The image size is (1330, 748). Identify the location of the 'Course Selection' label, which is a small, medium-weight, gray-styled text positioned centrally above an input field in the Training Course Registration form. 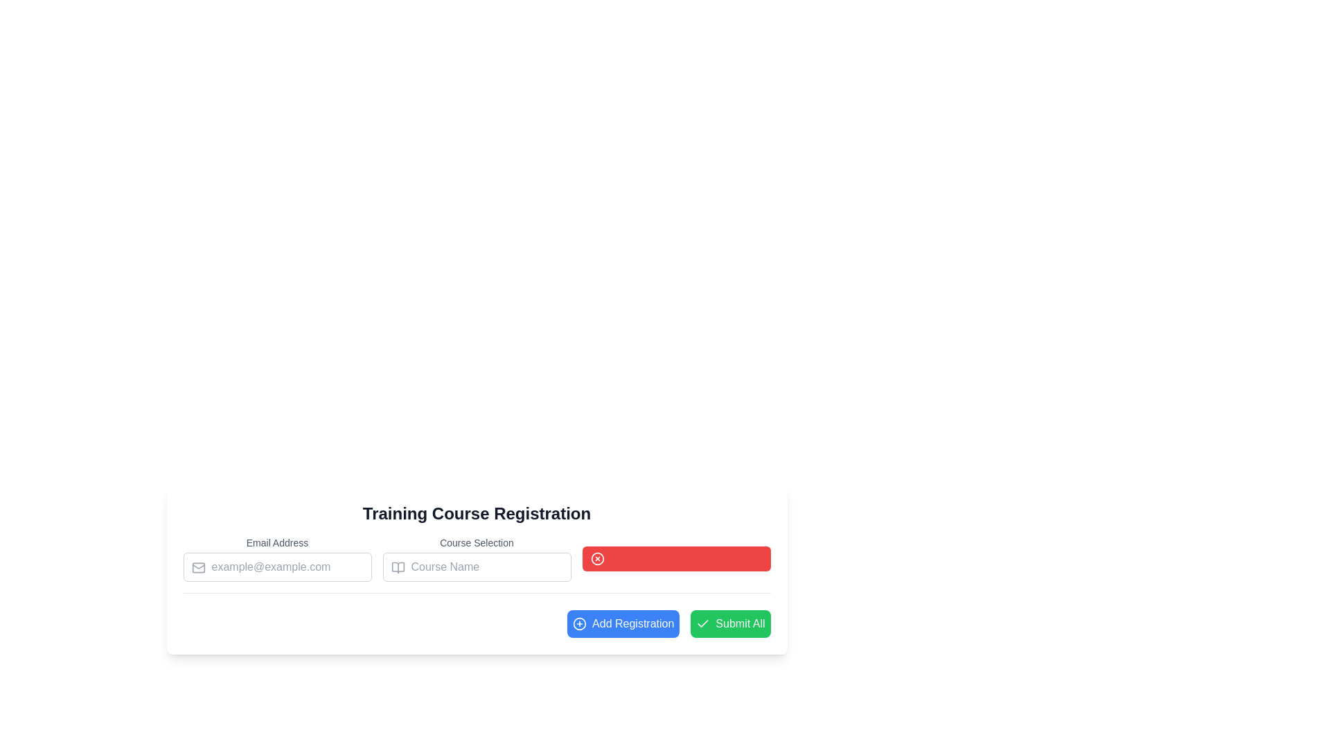
(477, 542).